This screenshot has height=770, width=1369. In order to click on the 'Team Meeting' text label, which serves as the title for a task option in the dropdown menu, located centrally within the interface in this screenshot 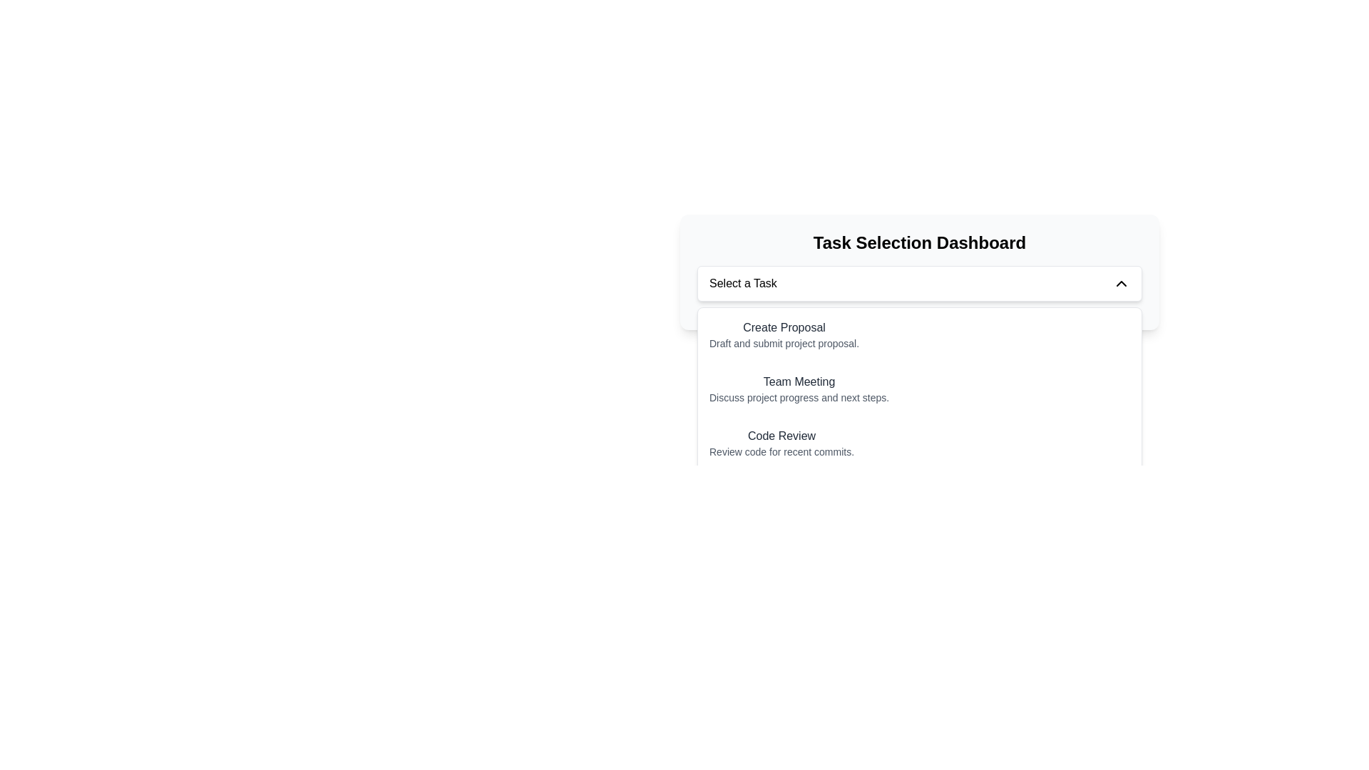, I will do `click(799, 381)`.